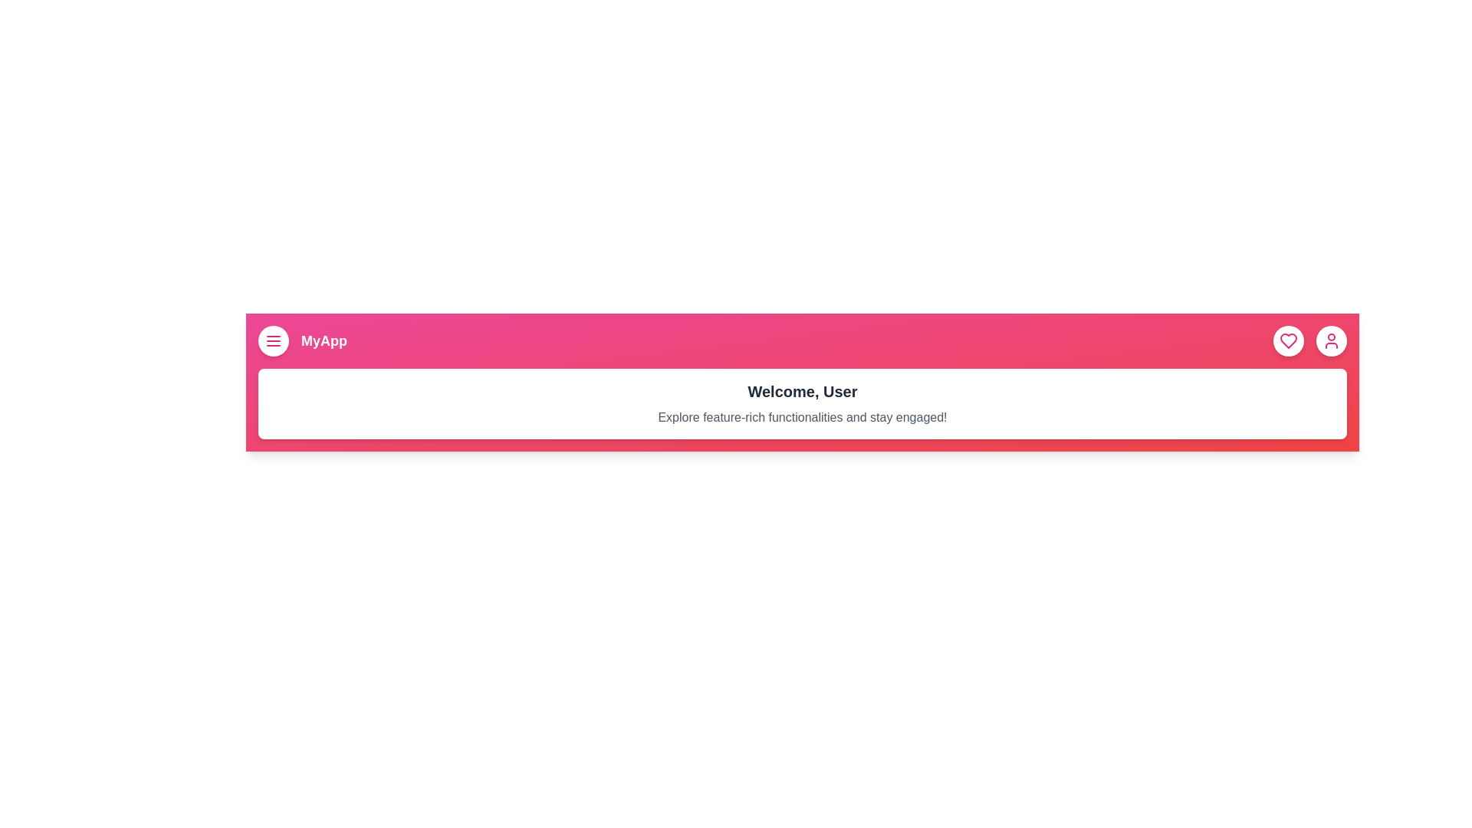 This screenshot has width=1472, height=828. I want to click on the user icon button located at the top-right corner of the app bar, so click(1331, 340).